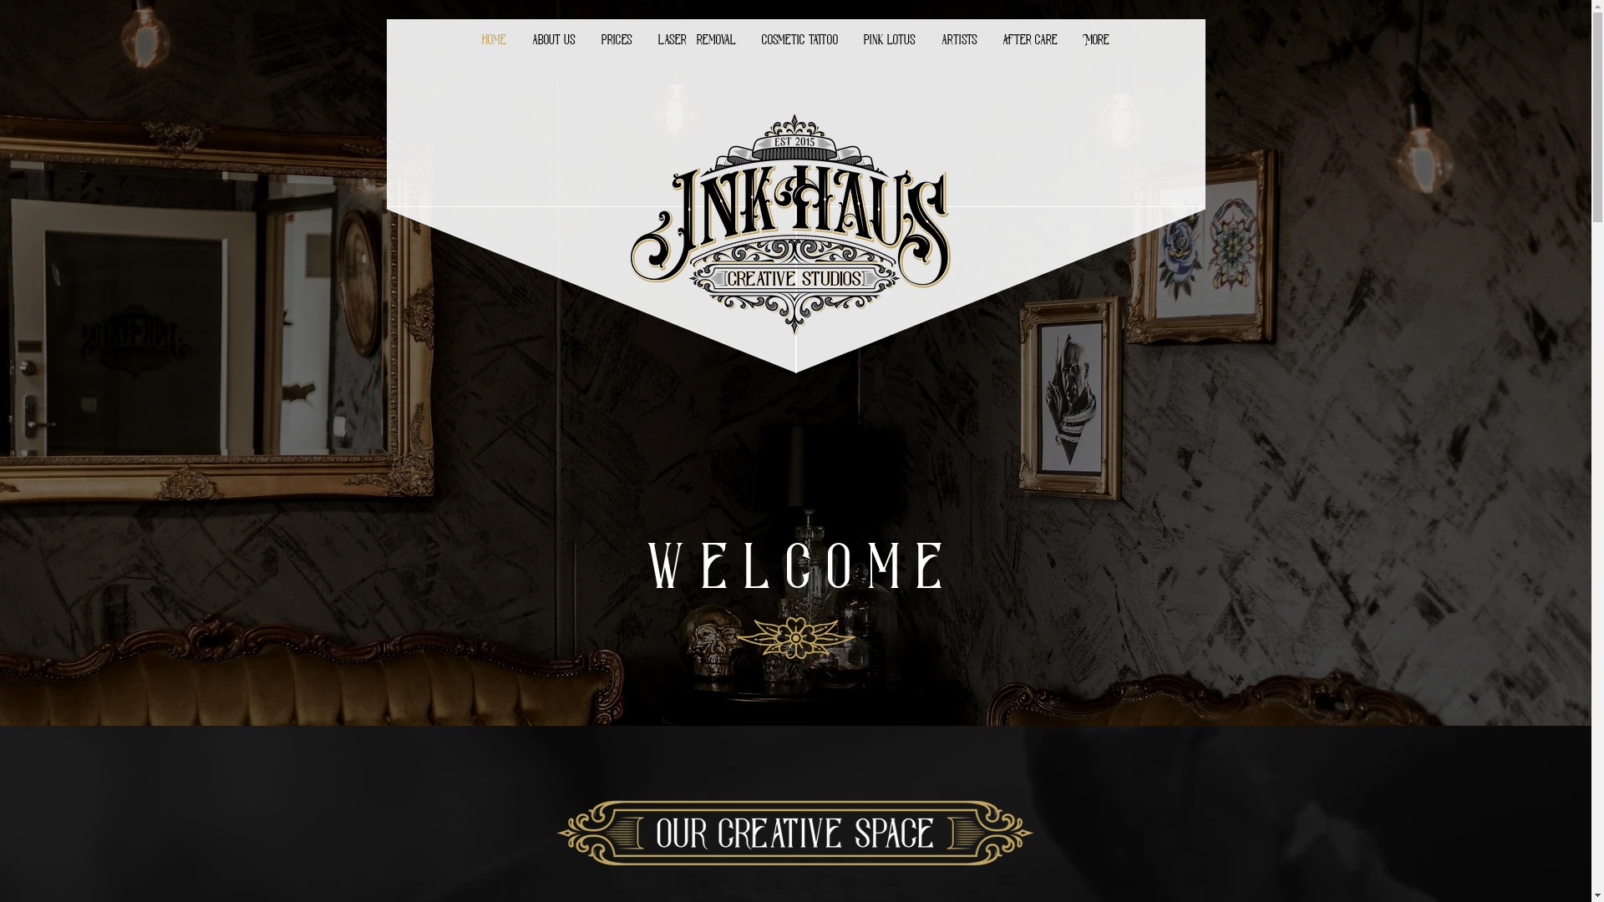 The height and width of the screenshot is (902, 1604). I want to click on 'about us', so click(554, 38).